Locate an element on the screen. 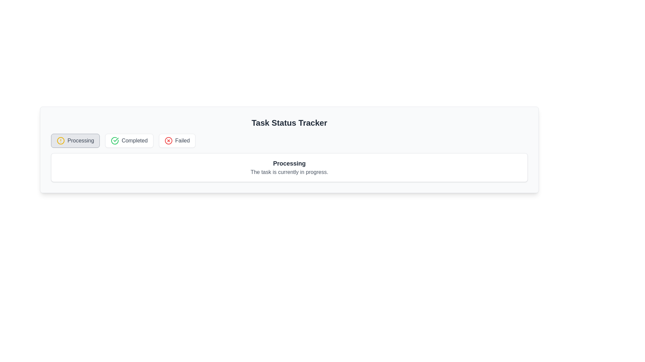 The width and height of the screenshot is (645, 362). the text label reading 'Processing', which is styled with a medium font weight and gray color, located within a rounded rectangular button-like element is located at coordinates (81, 140).